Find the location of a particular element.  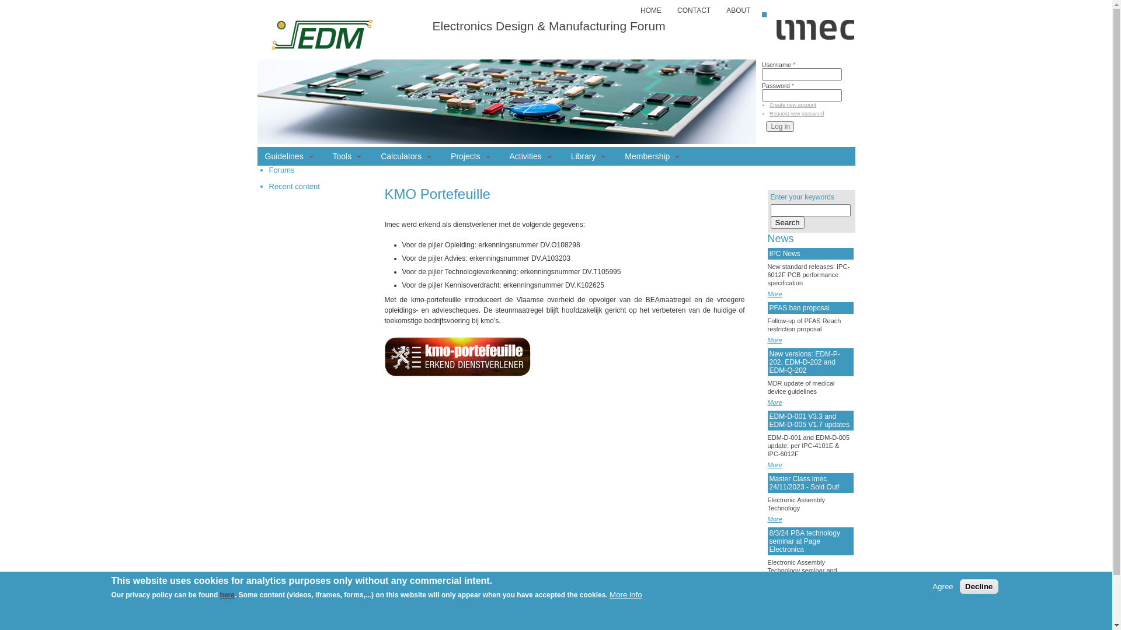

'Library' is located at coordinates (565, 155).